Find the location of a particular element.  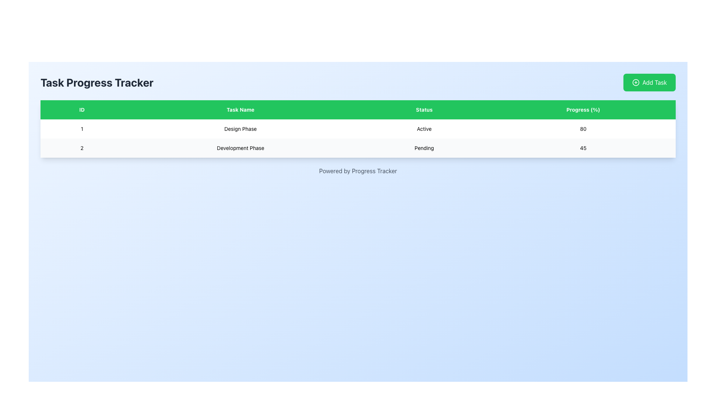

the text element that identifies the row index in the second row of the table under the 'ID' column is located at coordinates (82, 148).